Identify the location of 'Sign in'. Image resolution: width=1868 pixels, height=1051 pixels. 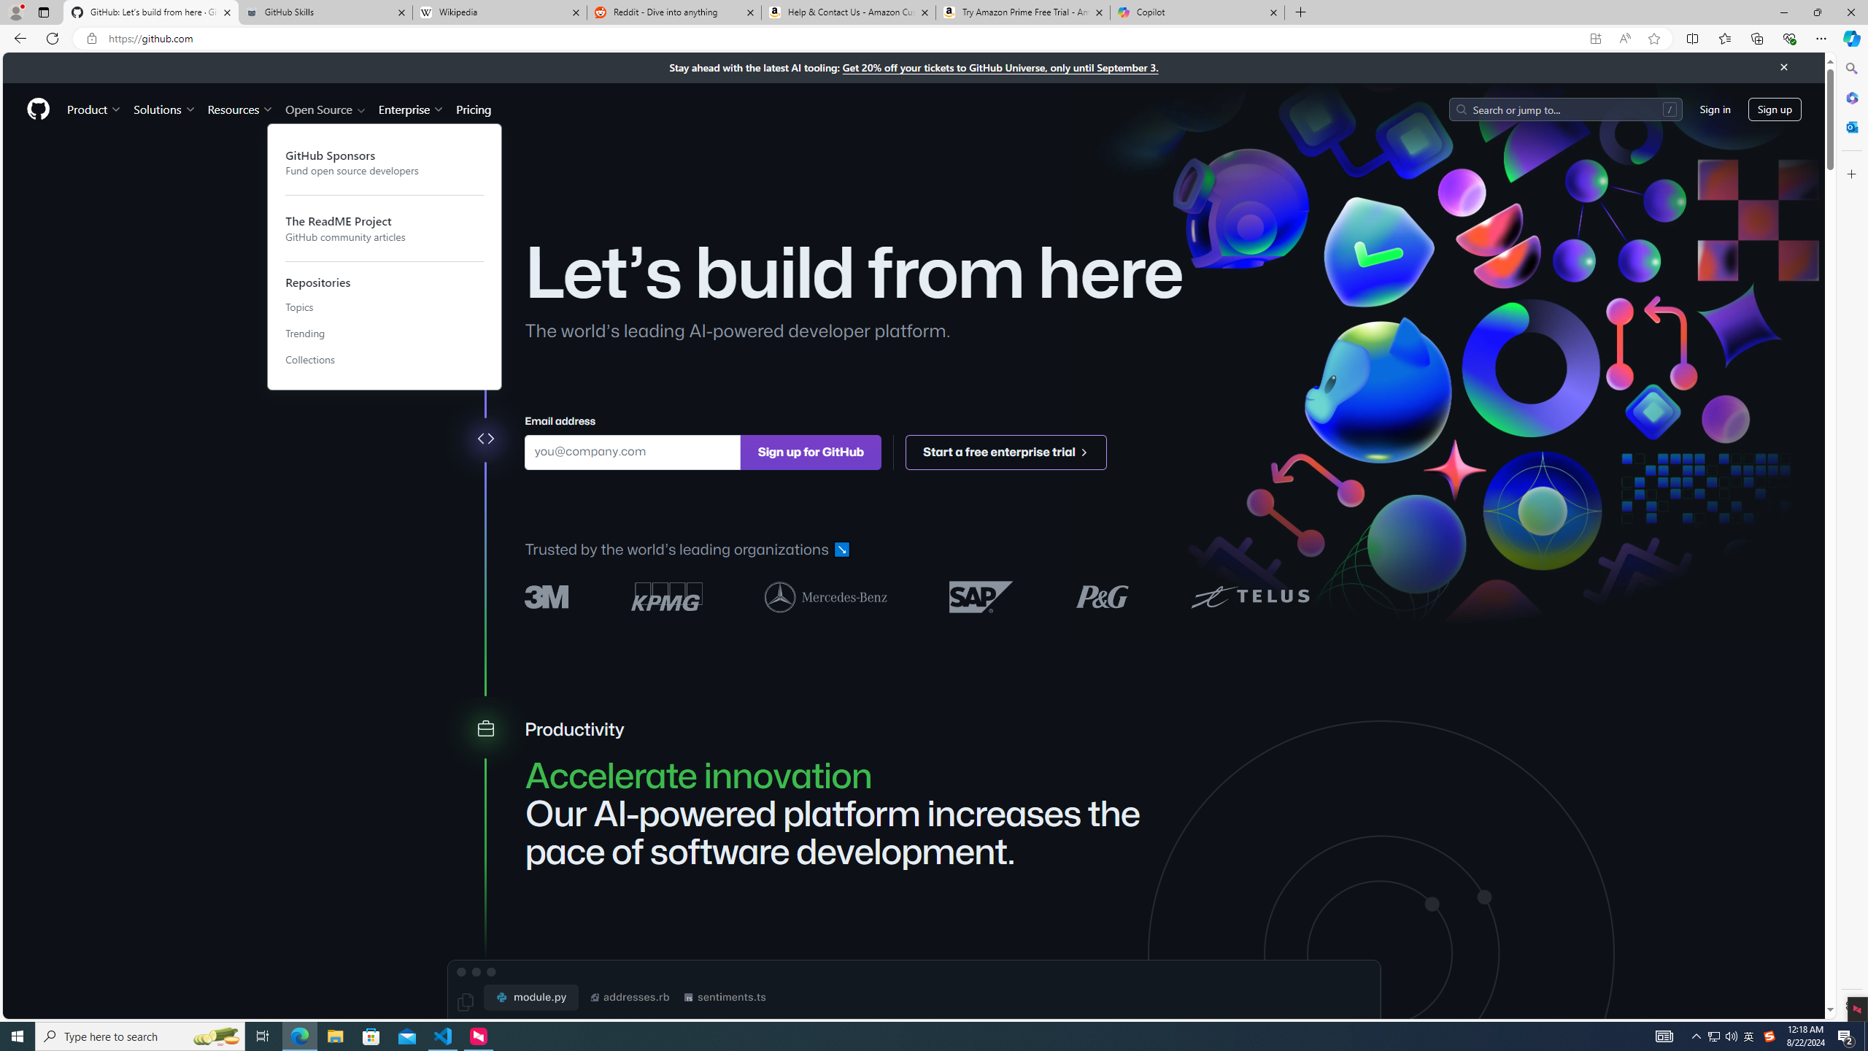
(1715, 109).